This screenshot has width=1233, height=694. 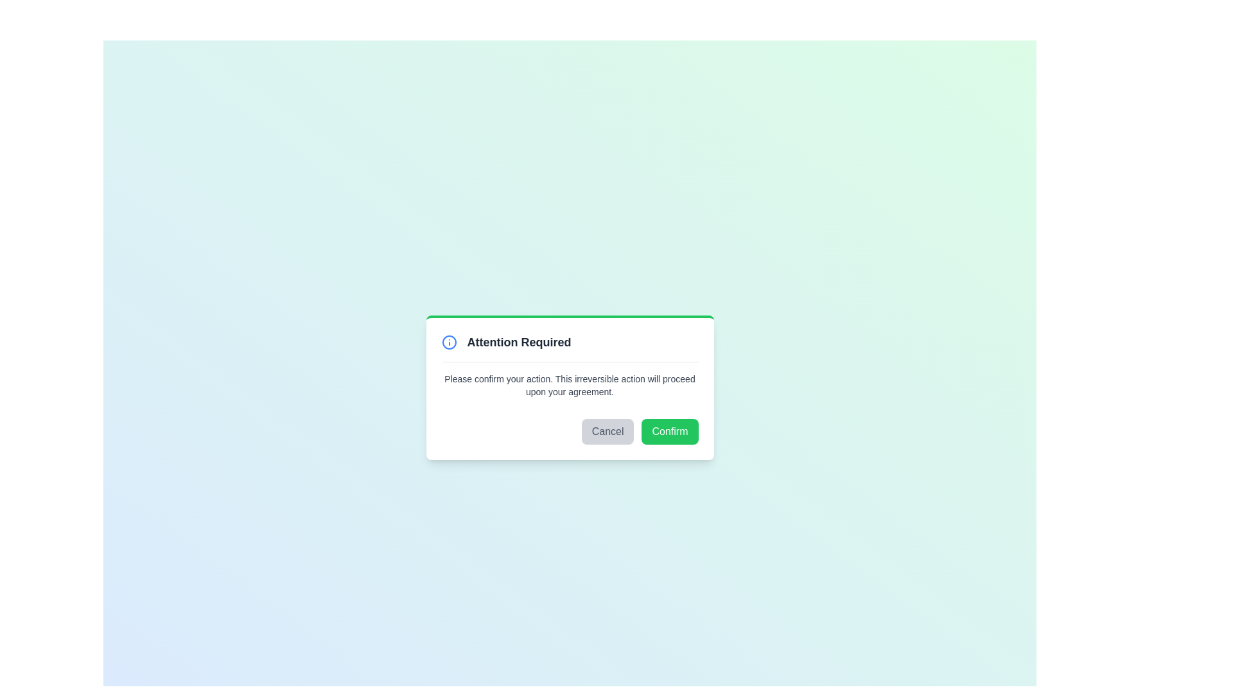 I want to click on the 'Cancel' button located at the bottom-left of the confirmation dialog, so click(x=607, y=431).